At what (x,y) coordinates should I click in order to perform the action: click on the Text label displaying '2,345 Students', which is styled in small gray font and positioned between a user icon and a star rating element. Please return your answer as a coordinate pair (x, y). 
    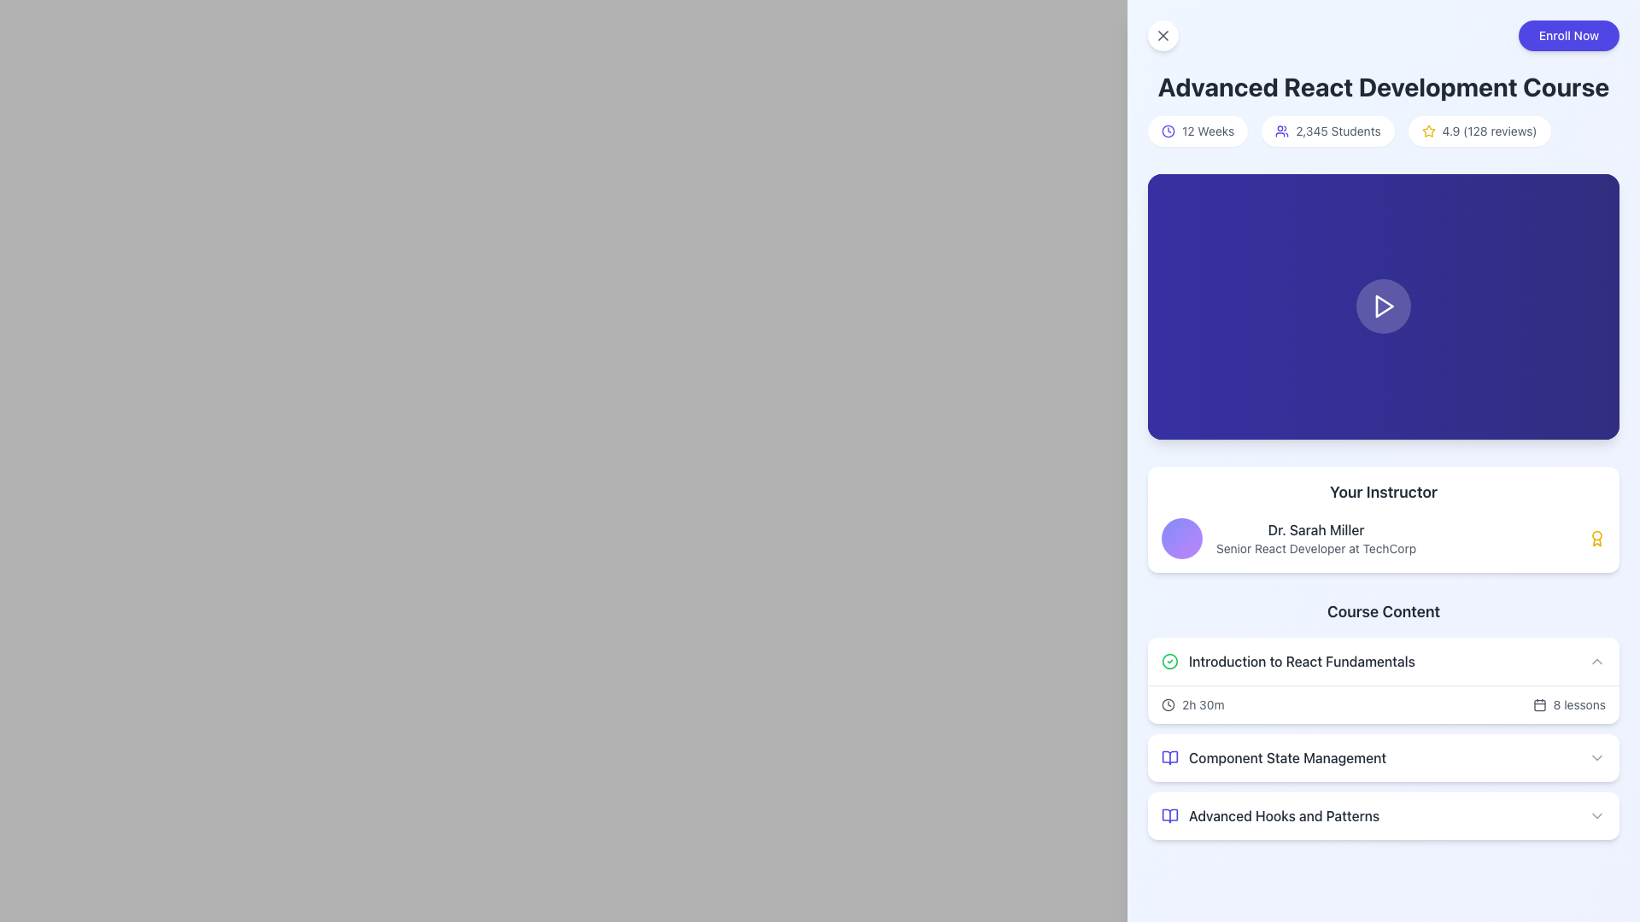
    Looking at the image, I should click on (1337, 131).